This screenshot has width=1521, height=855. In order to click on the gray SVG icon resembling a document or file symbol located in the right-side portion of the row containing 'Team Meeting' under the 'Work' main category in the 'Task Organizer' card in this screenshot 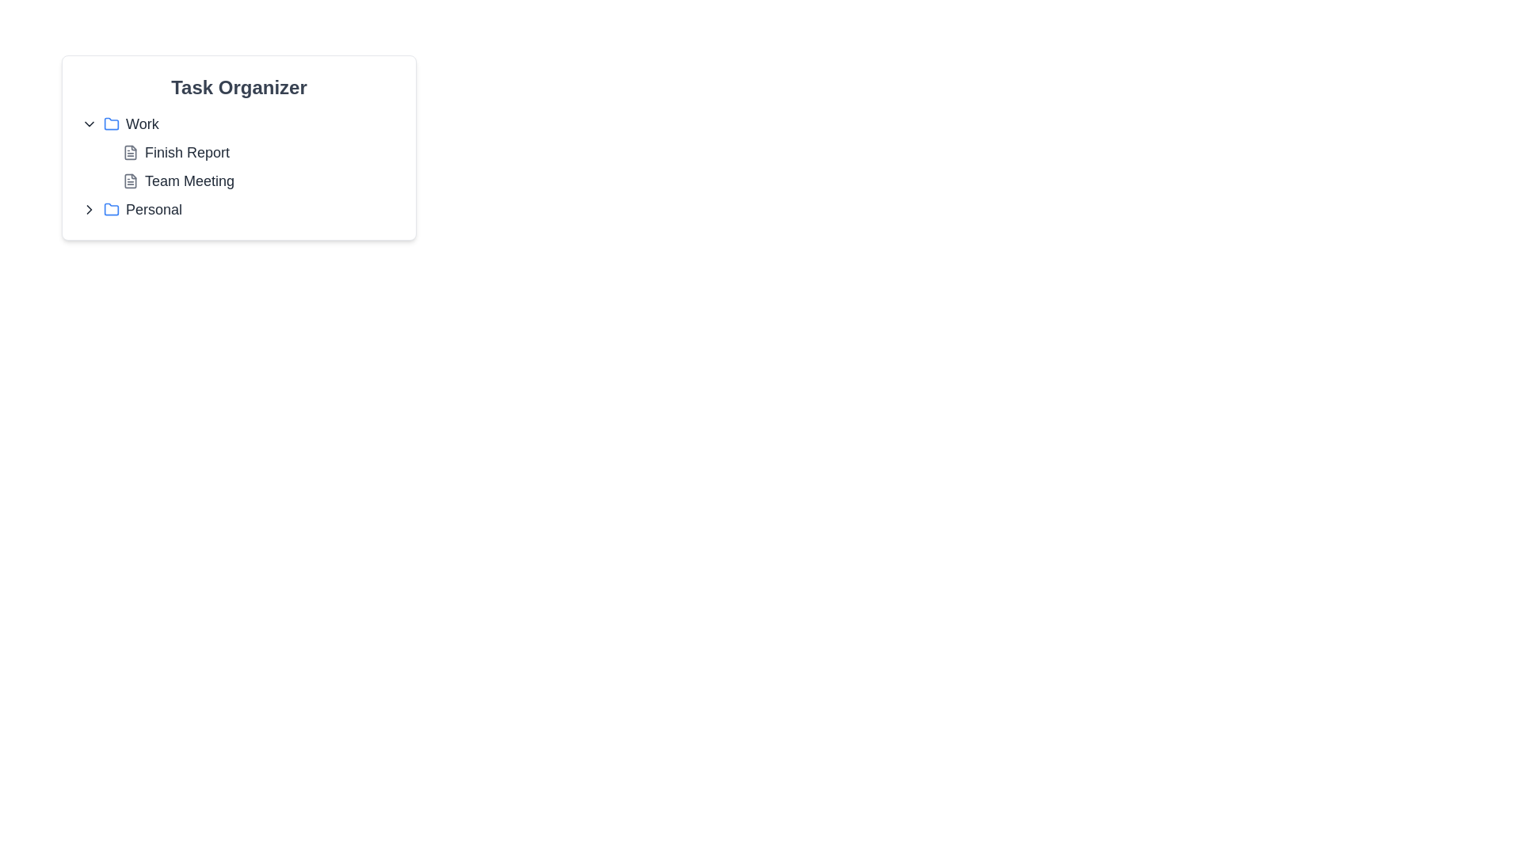, I will do `click(130, 180)`.